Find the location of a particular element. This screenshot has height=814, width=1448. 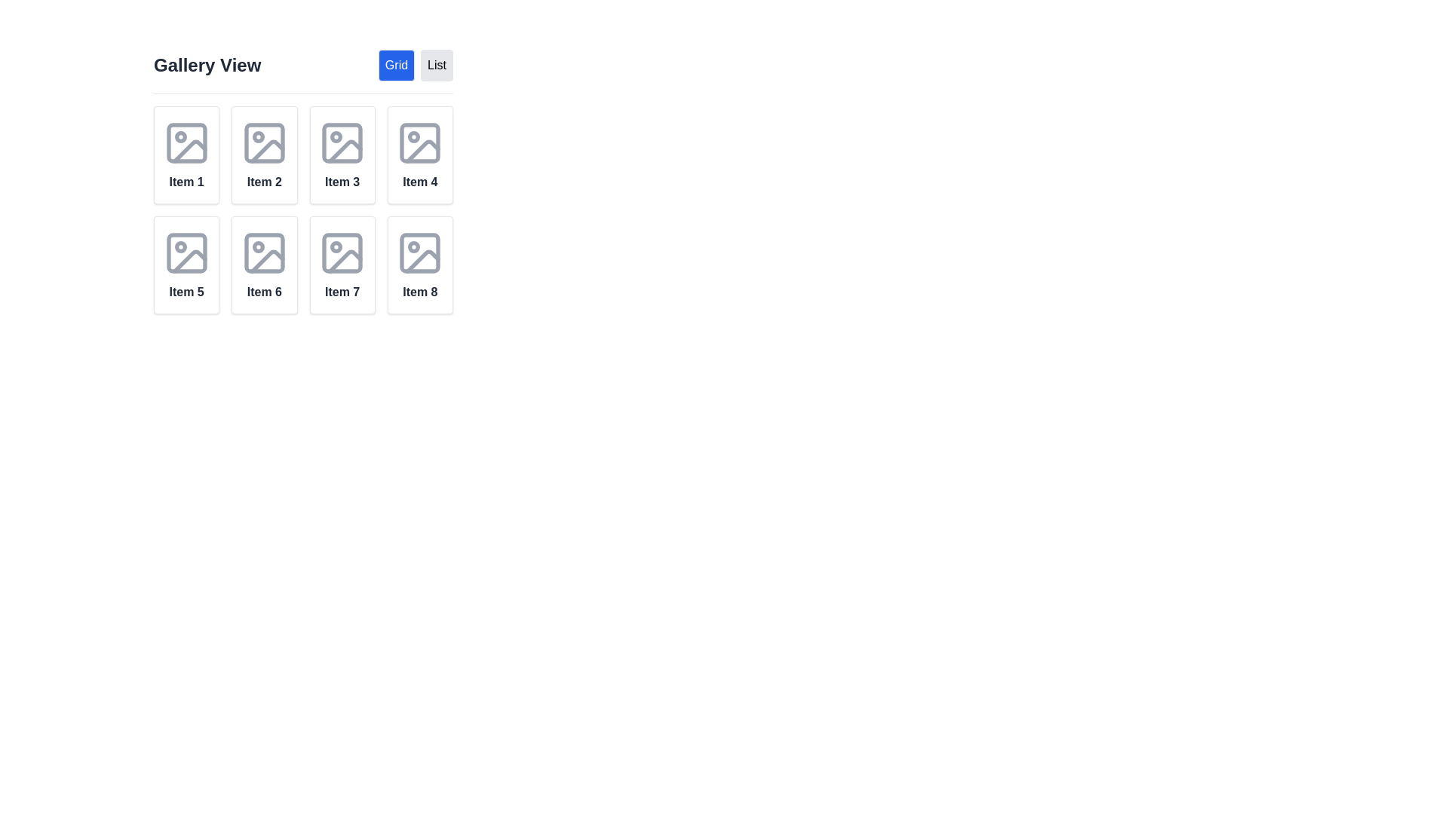

the SVG icon styled with a gray color scheme, which represents a placeholder for graphical content, located at the top of the 'Item 4' card in a 2x4 grid layout is located at coordinates (420, 142).